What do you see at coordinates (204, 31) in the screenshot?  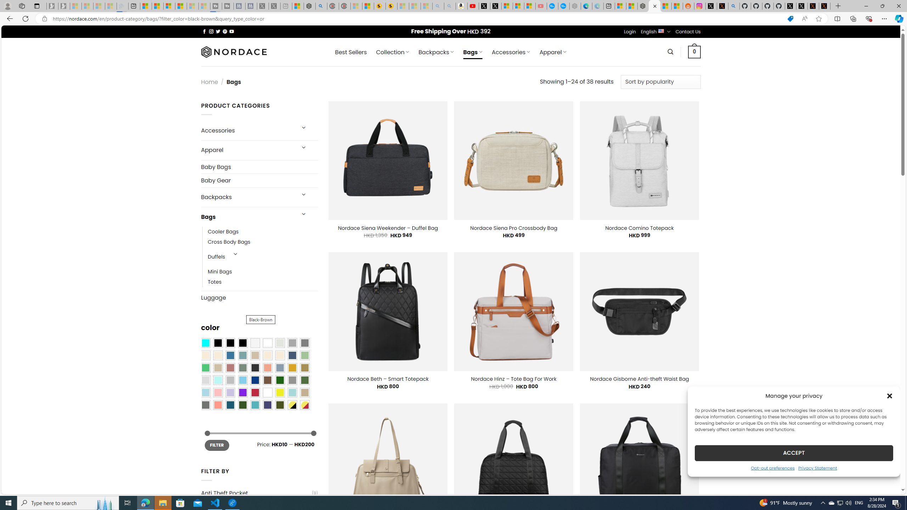 I see `'Follow on Facebook'` at bounding box center [204, 31].